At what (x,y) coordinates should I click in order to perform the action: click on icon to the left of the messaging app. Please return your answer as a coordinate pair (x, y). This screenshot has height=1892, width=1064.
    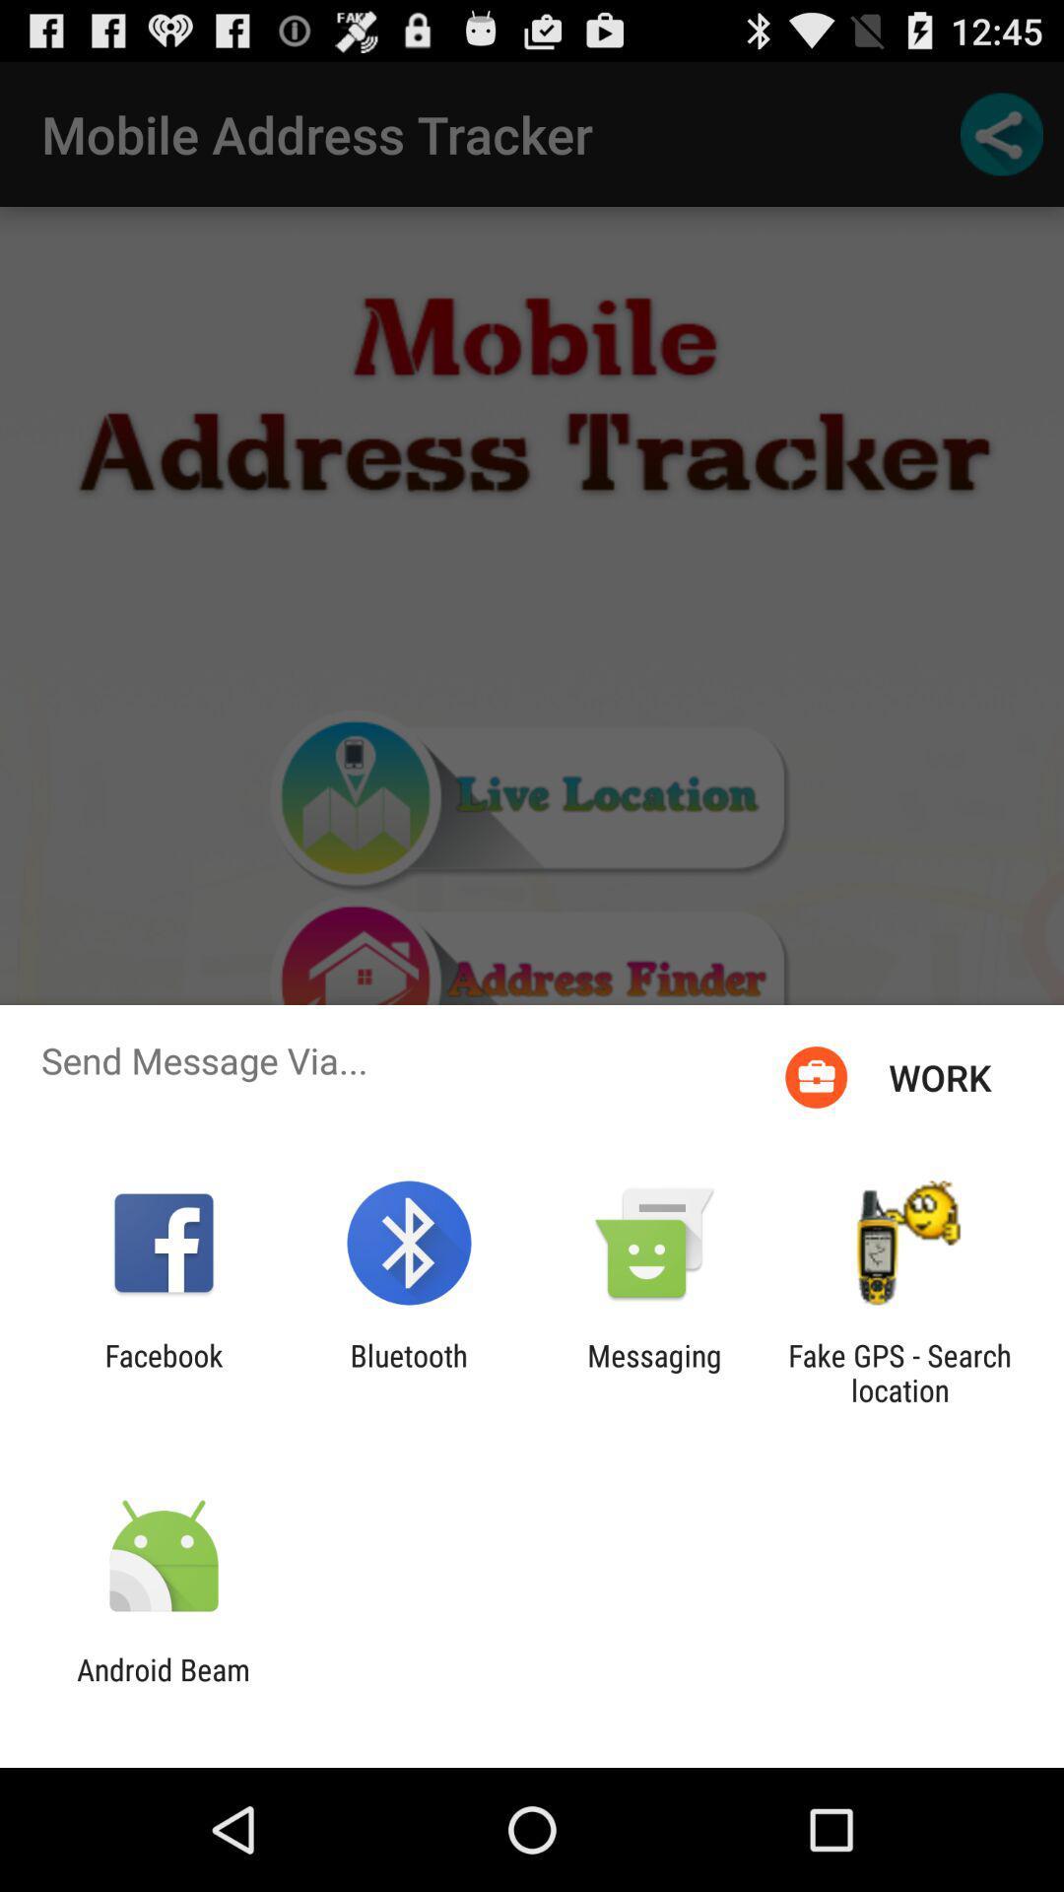
    Looking at the image, I should click on (408, 1372).